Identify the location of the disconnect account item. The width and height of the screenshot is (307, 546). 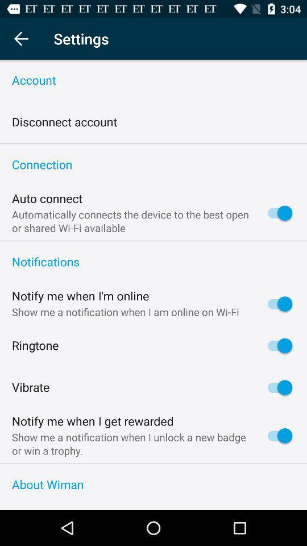
(64, 122).